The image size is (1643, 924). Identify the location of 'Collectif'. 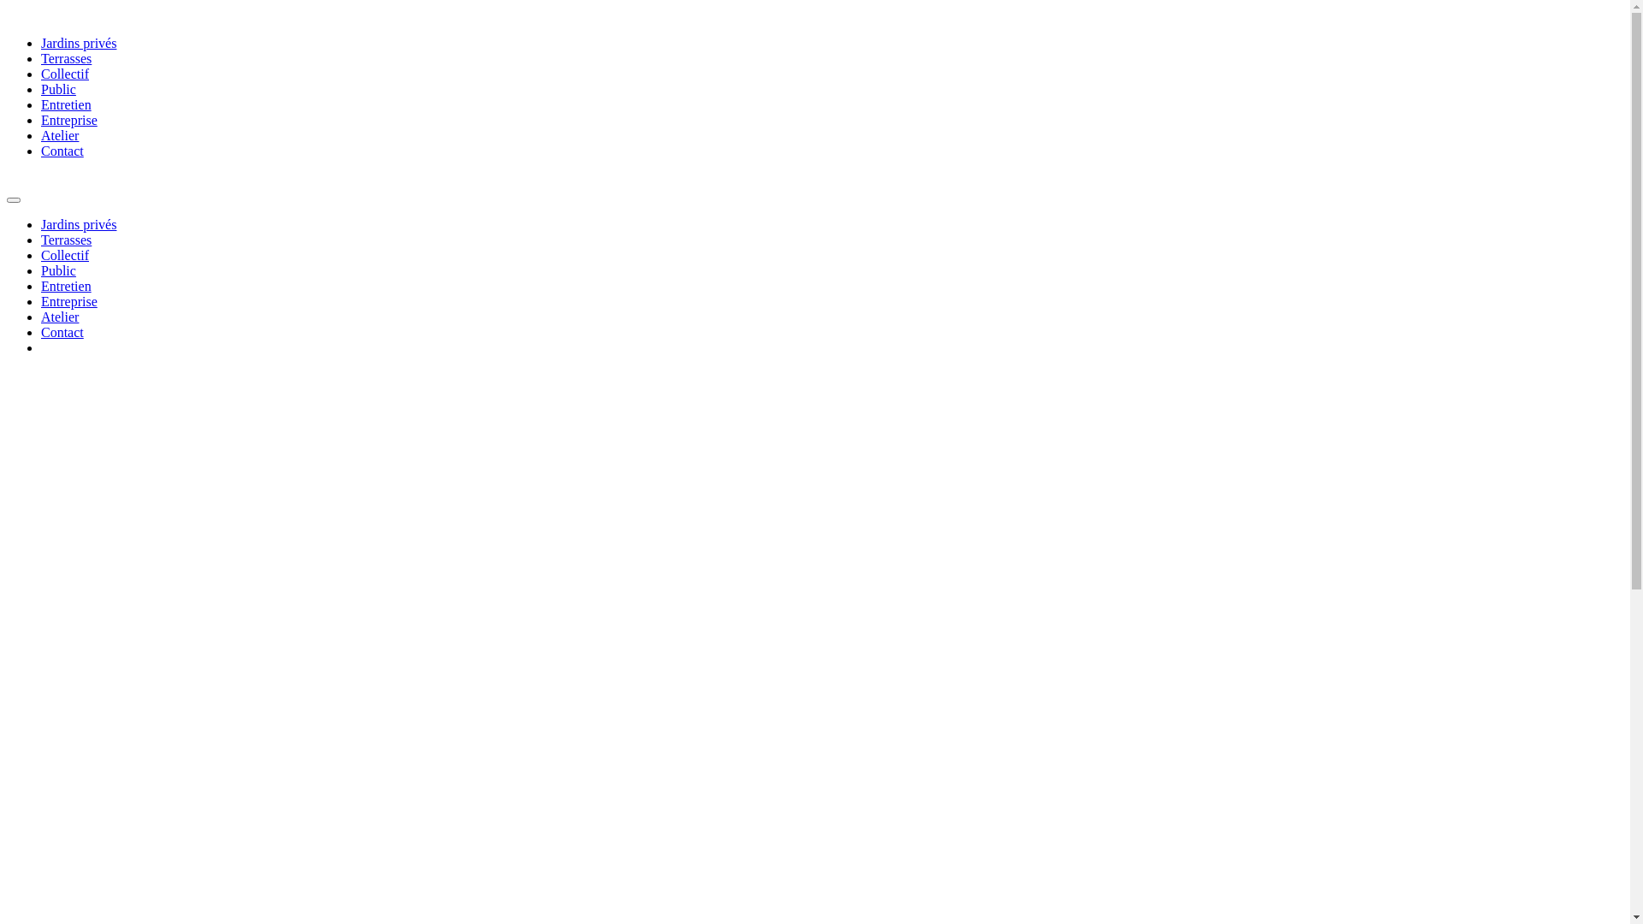
(65, 255).